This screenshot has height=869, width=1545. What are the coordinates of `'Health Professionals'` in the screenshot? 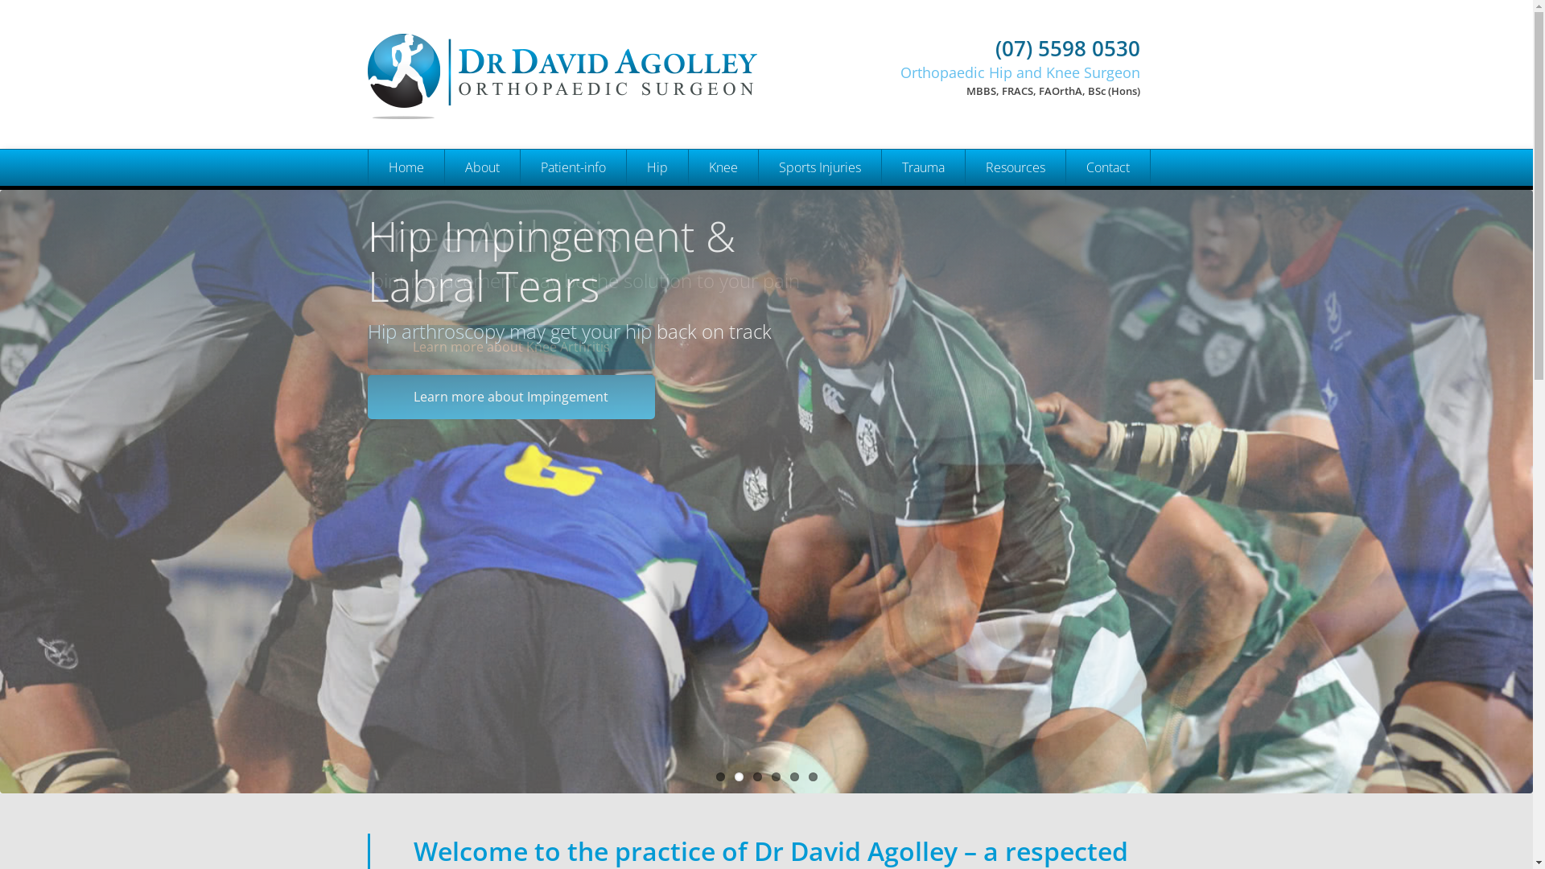 It's located at (1013, 203).